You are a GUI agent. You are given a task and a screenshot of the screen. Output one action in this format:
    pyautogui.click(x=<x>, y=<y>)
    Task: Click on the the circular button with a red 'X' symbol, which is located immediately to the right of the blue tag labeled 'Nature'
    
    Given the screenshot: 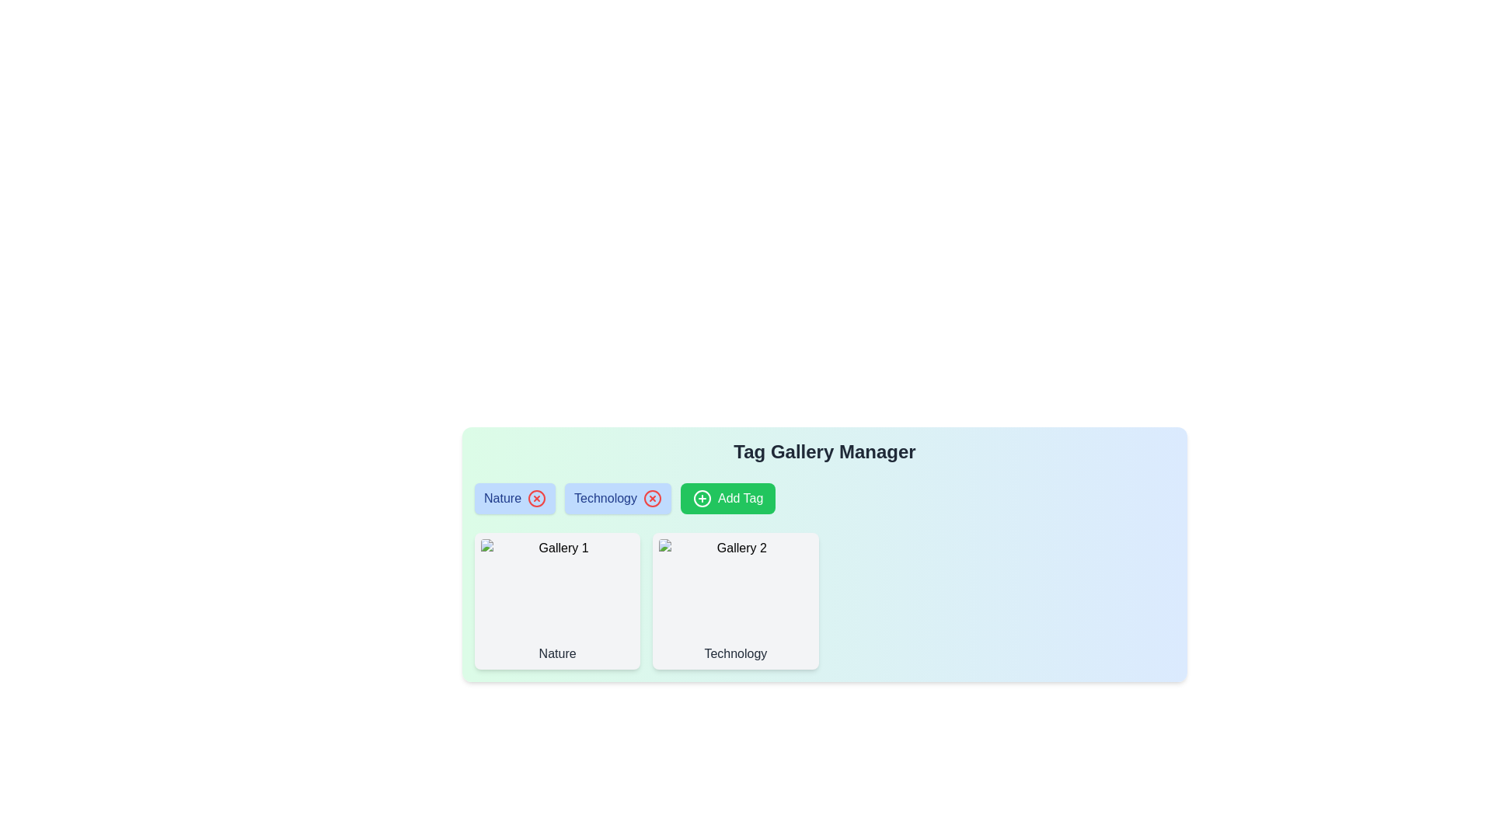 What is the action you would take?
    pyautogui.click(x=537, y=498)
    